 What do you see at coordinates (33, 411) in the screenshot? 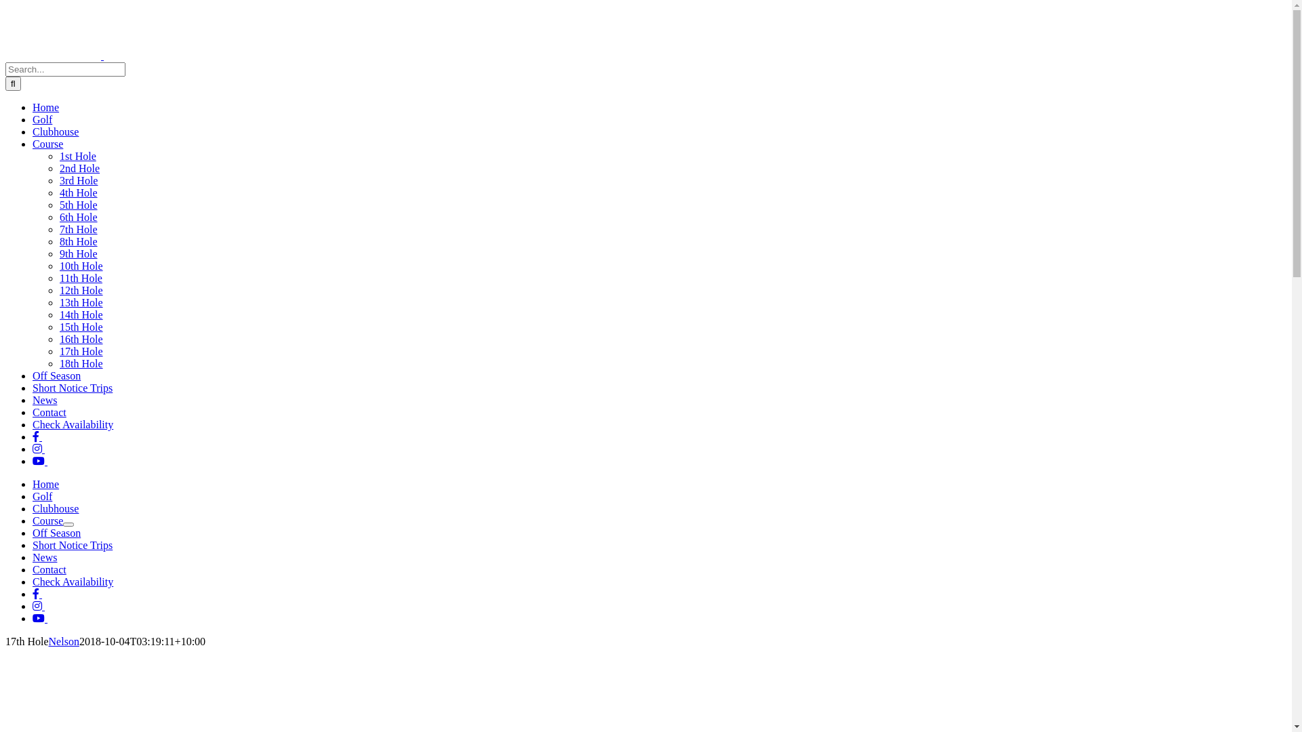
I see `'Contact'` at bounding box center [33, 411].